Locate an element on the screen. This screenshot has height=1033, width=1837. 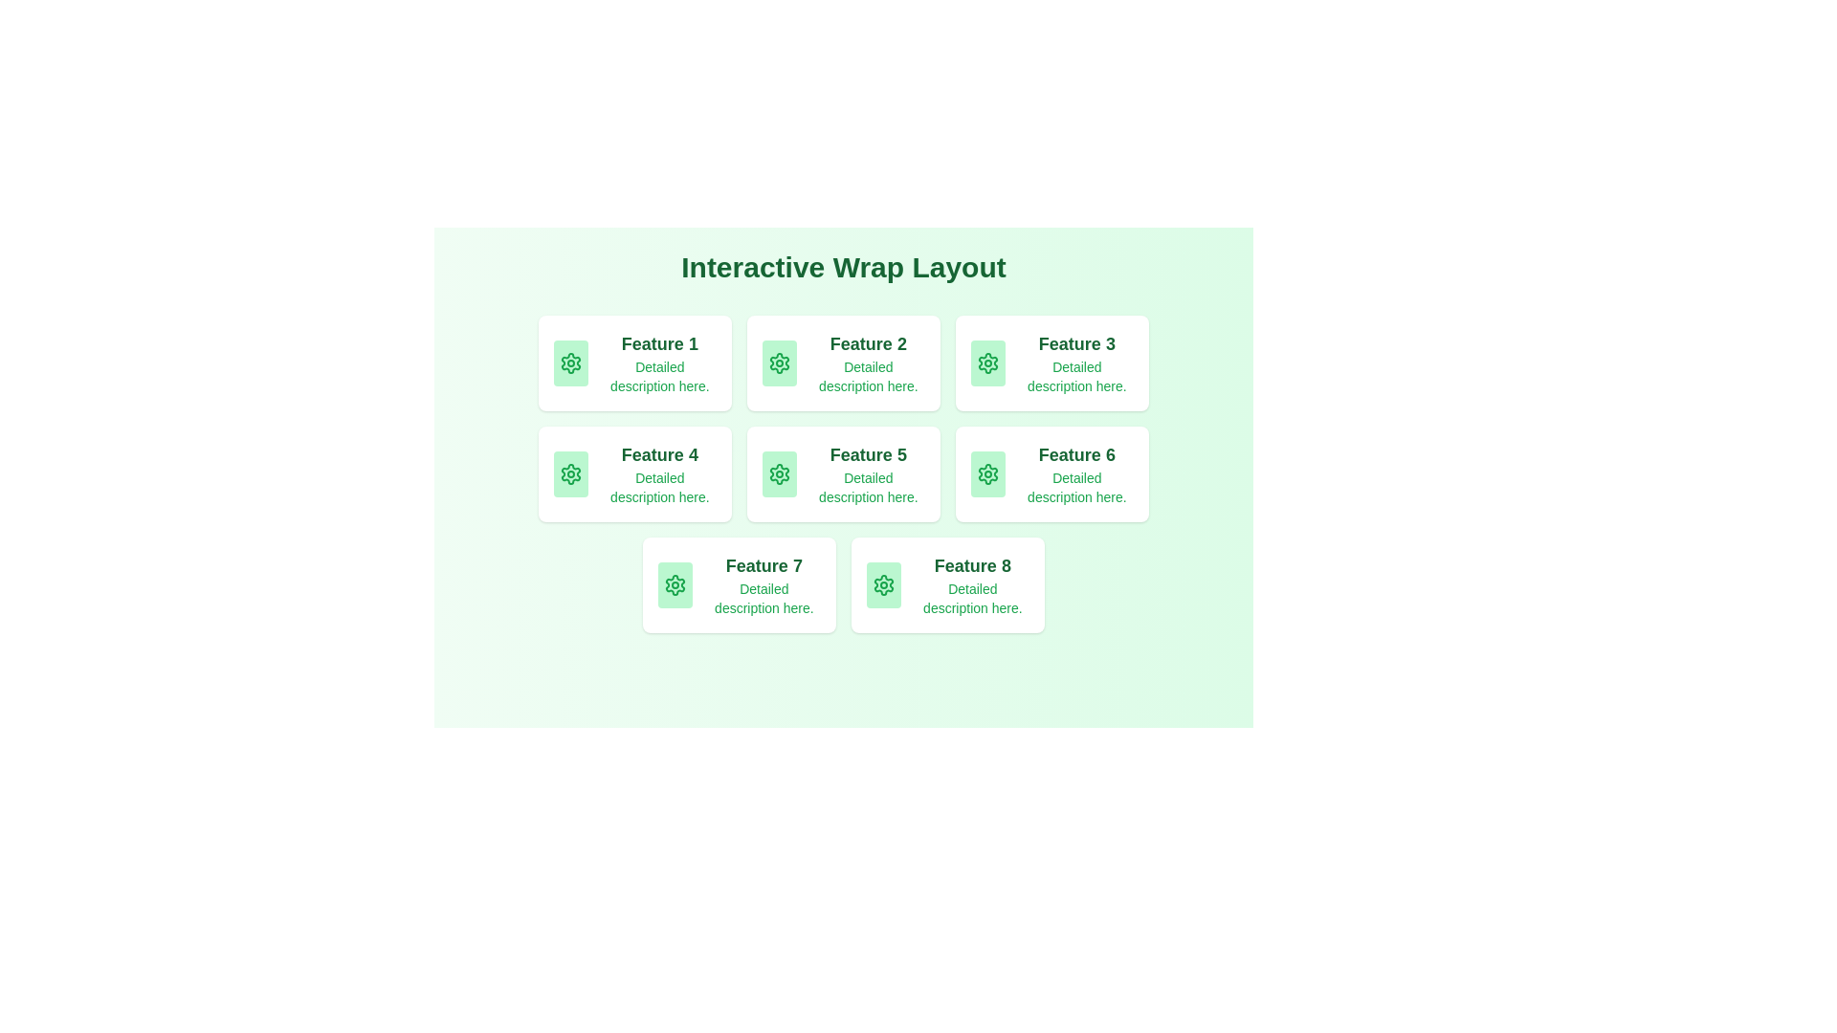
text from the Feature card located in the last row and last column of the grid layout, adjacent to the 'Feature 7' box is located at coordinates (947, 584).